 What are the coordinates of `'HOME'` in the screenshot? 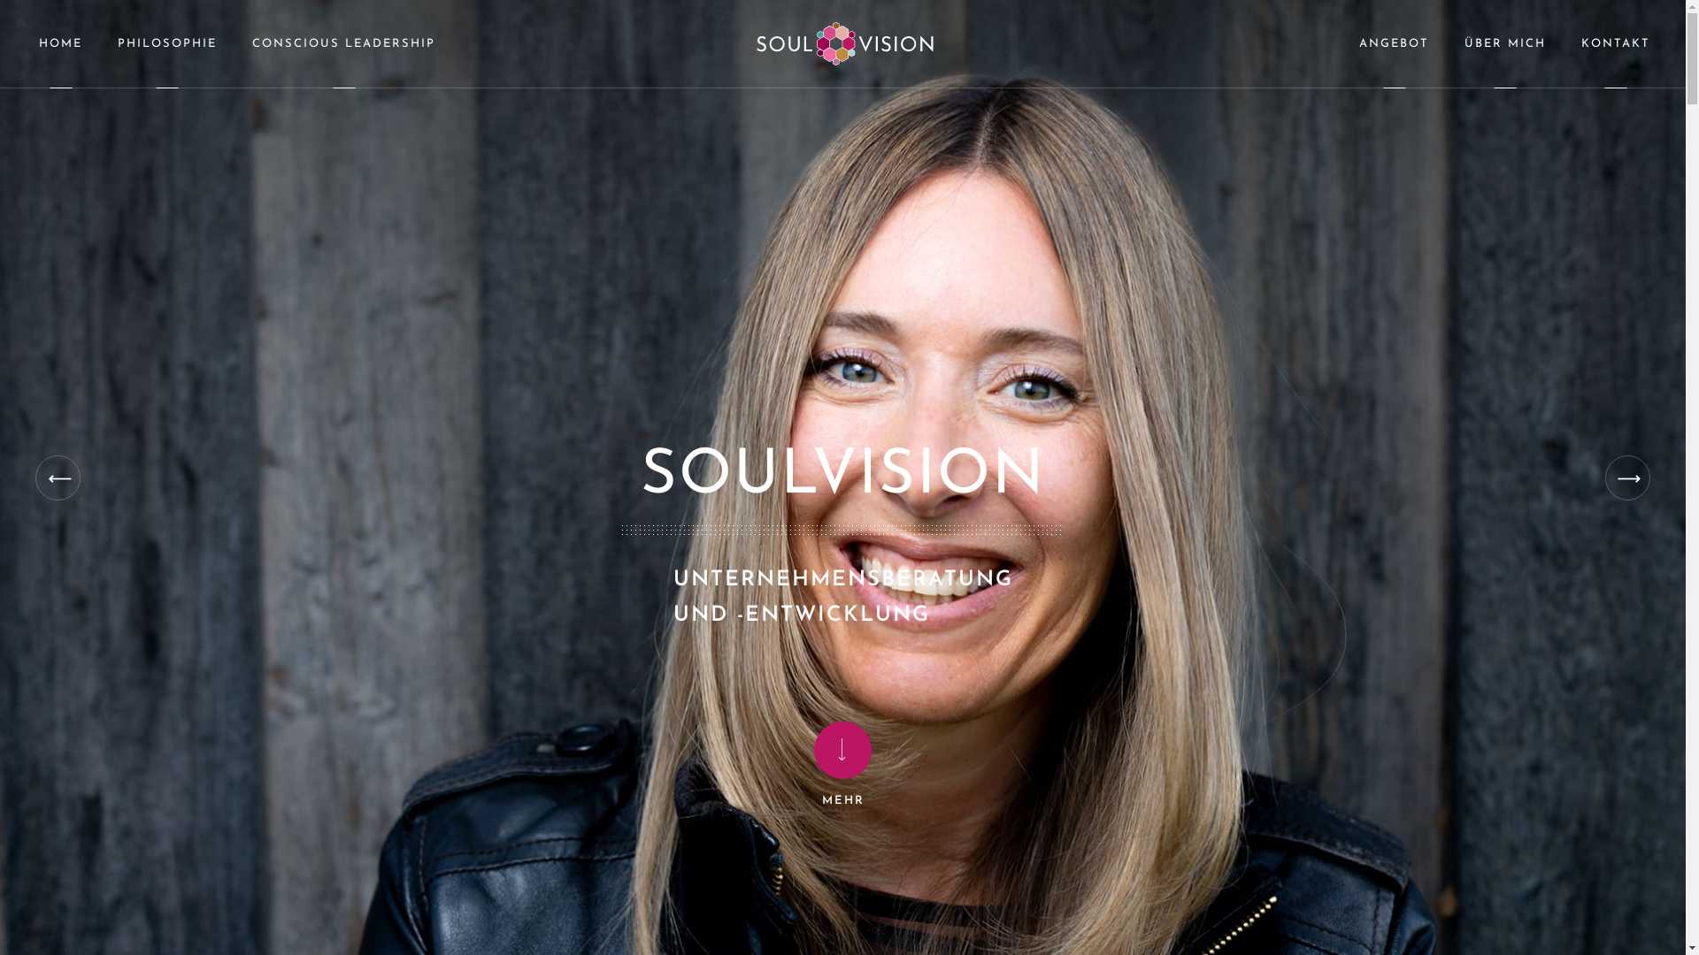 It's located at (60, 42).